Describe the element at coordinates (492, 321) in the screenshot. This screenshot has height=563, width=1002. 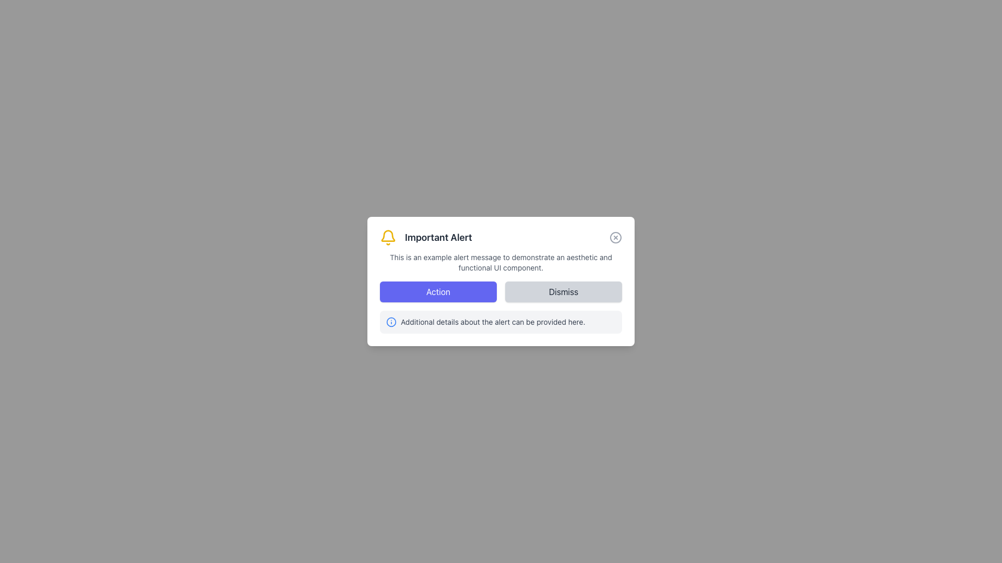
I see `supplementary information text located at the bottom section of the notification card, positioned to the right of the circular 'i' icon within a light gray background box` at that location.